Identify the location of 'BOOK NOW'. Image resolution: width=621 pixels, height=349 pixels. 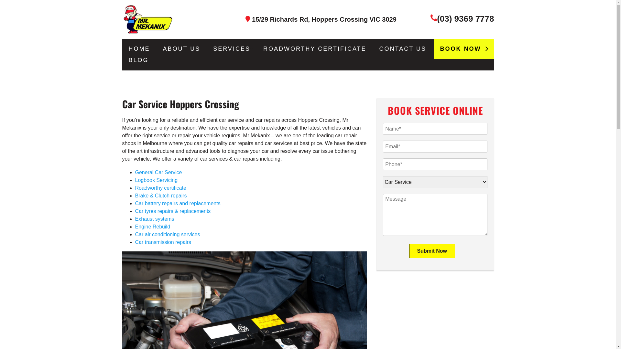
(463, 48).